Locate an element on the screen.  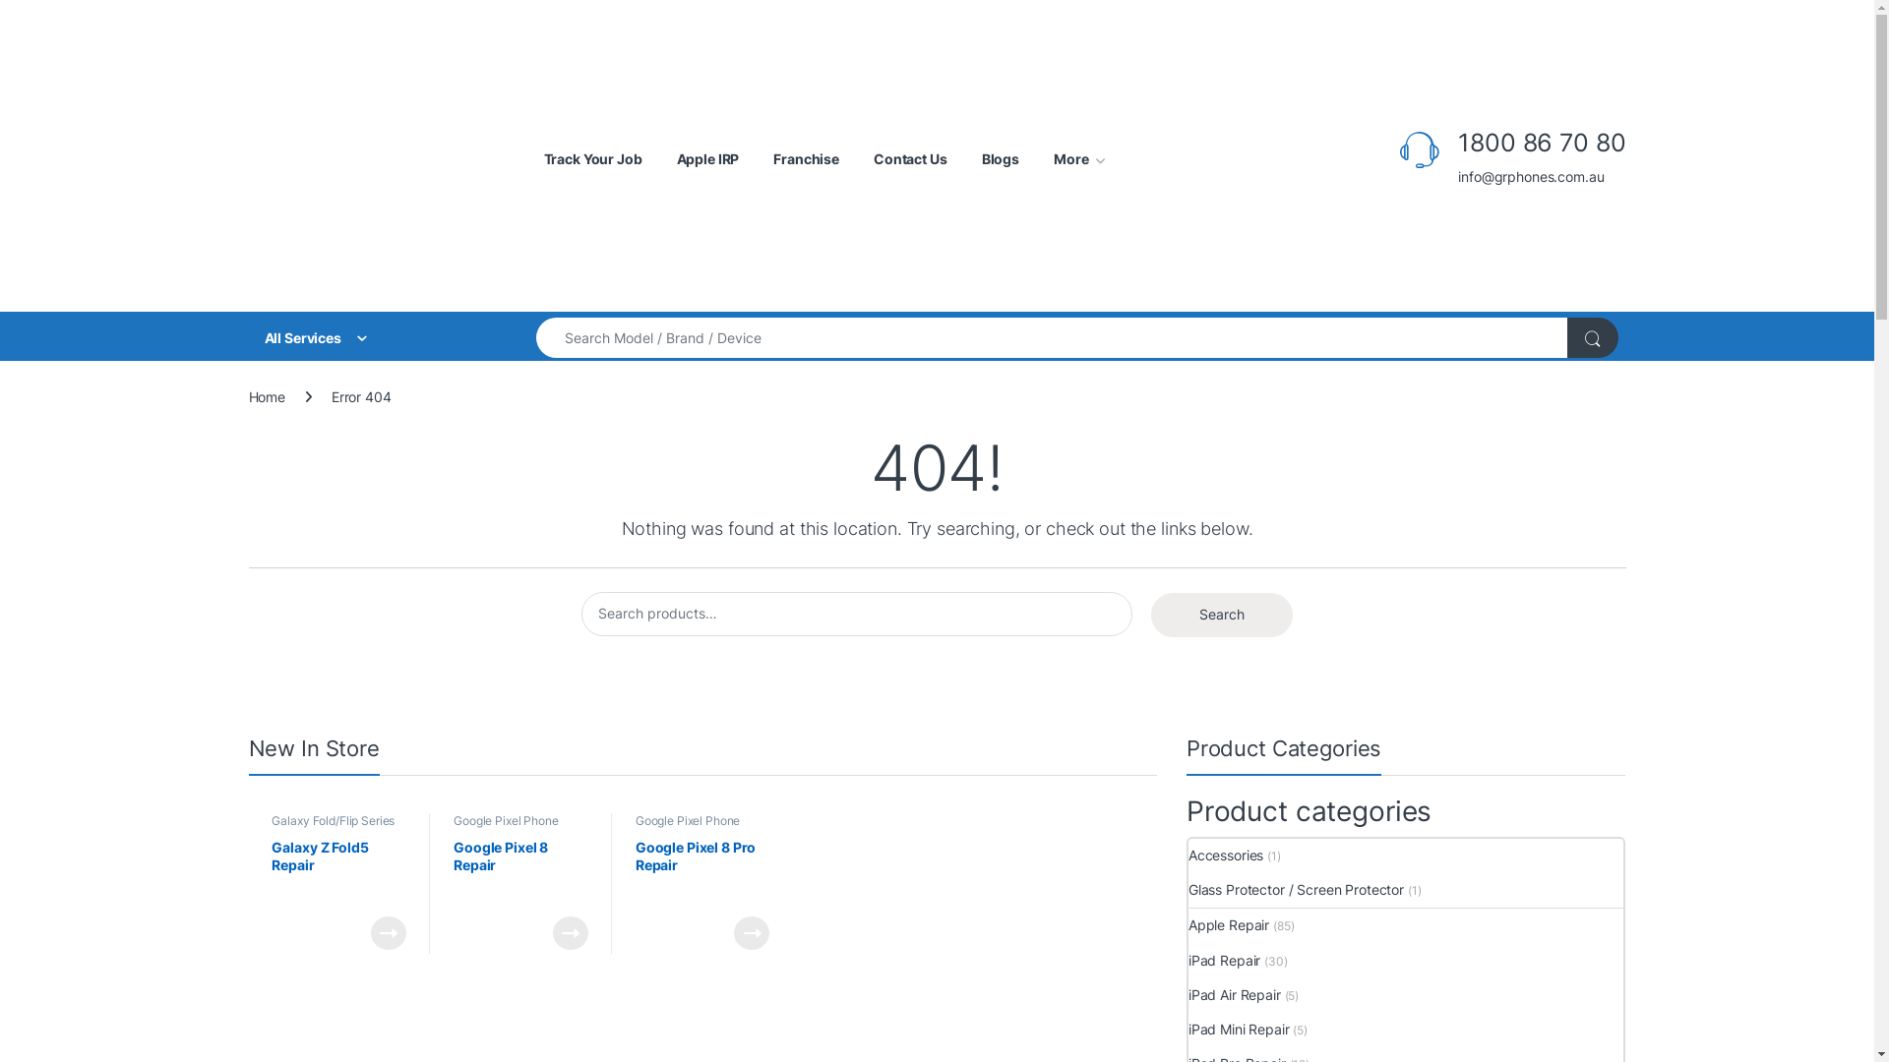
'Galaxy Fold/Flip Series Repair' is located at coordinates (333, 826).